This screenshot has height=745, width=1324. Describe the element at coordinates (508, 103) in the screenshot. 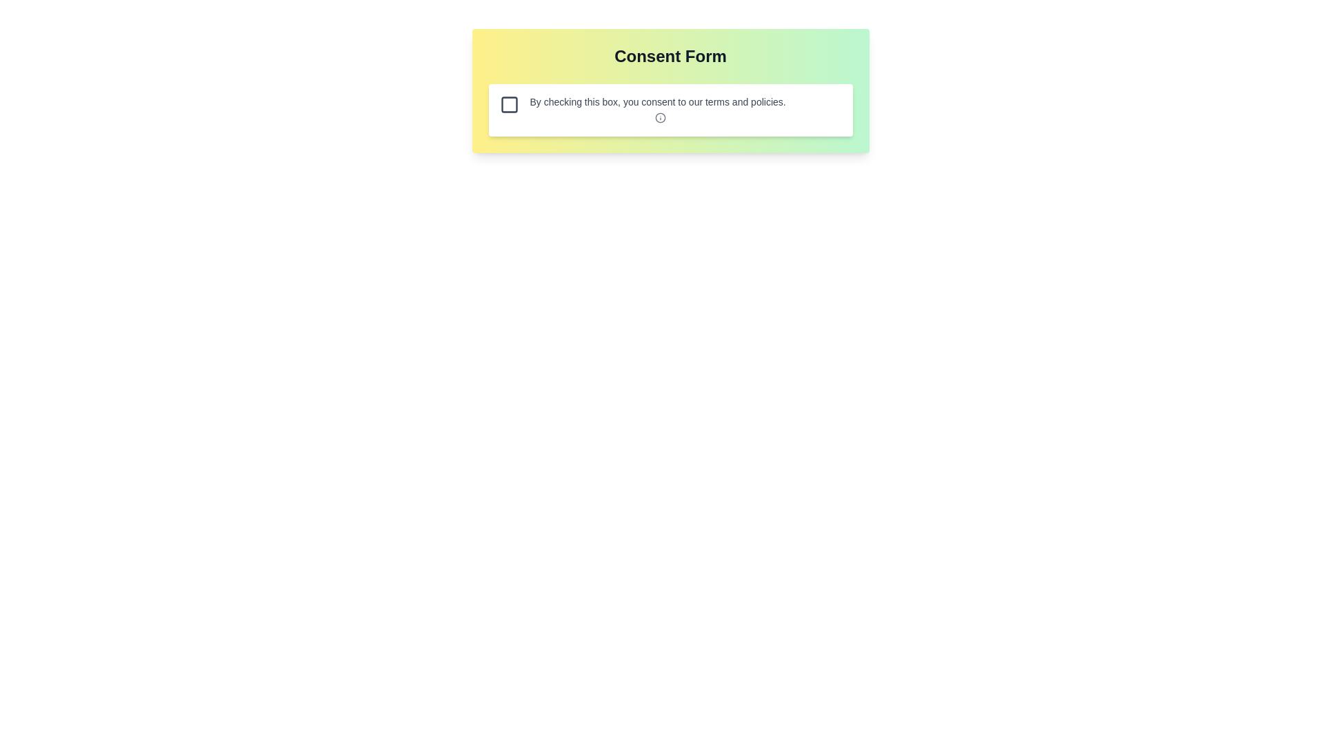

I see `the small square checkbox icon located at the beginning of the row in the form component` at that location.